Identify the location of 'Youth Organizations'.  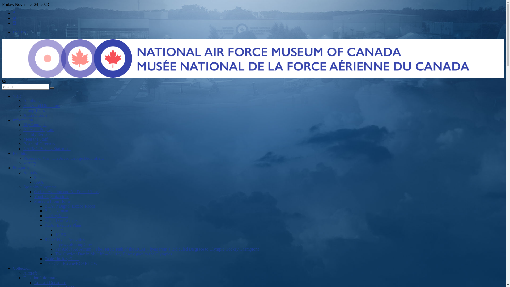
(51, 196).